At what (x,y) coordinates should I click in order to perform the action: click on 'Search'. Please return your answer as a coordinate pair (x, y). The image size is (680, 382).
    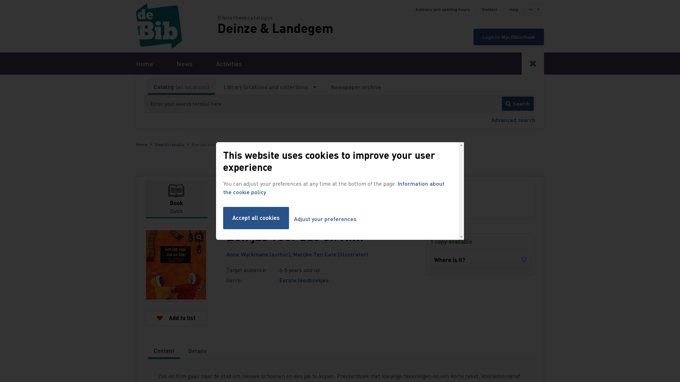
    Looking at the image, I should click on (501, 104).